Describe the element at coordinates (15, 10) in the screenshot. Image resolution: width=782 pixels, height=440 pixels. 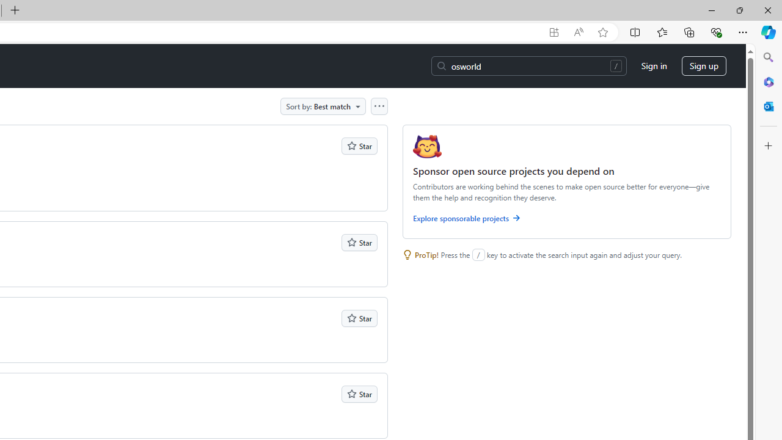
I see `'New Tab'` at that location.